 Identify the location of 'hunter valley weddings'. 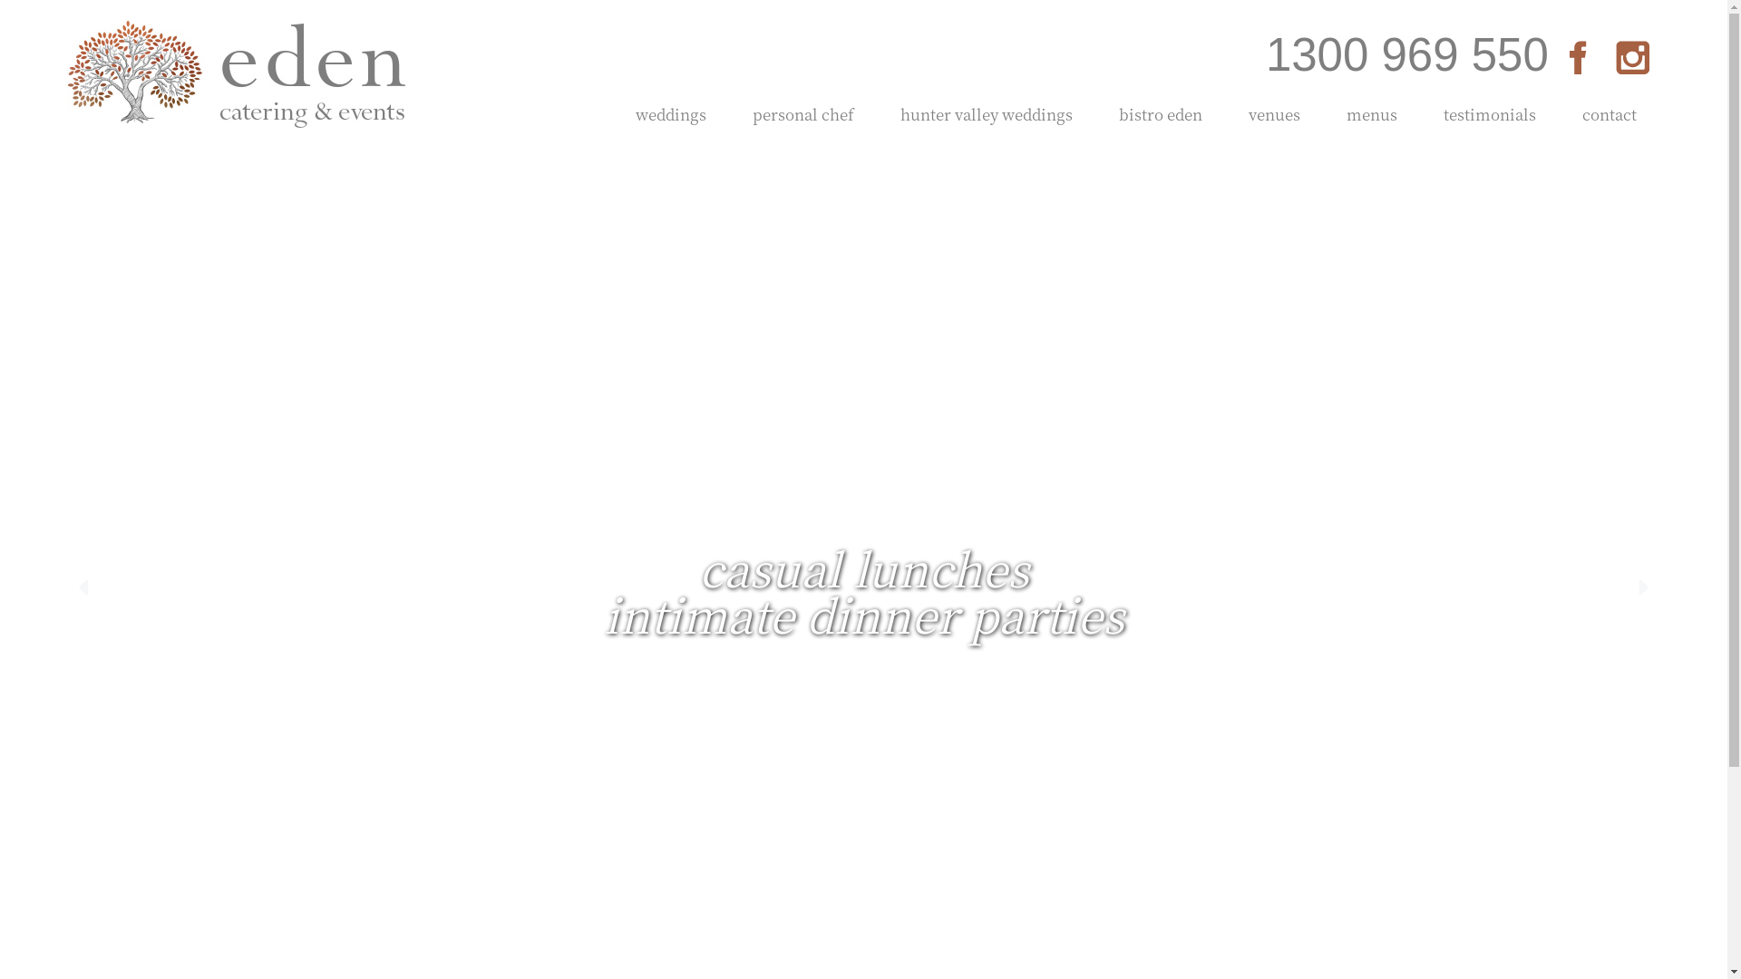
(986, 114).